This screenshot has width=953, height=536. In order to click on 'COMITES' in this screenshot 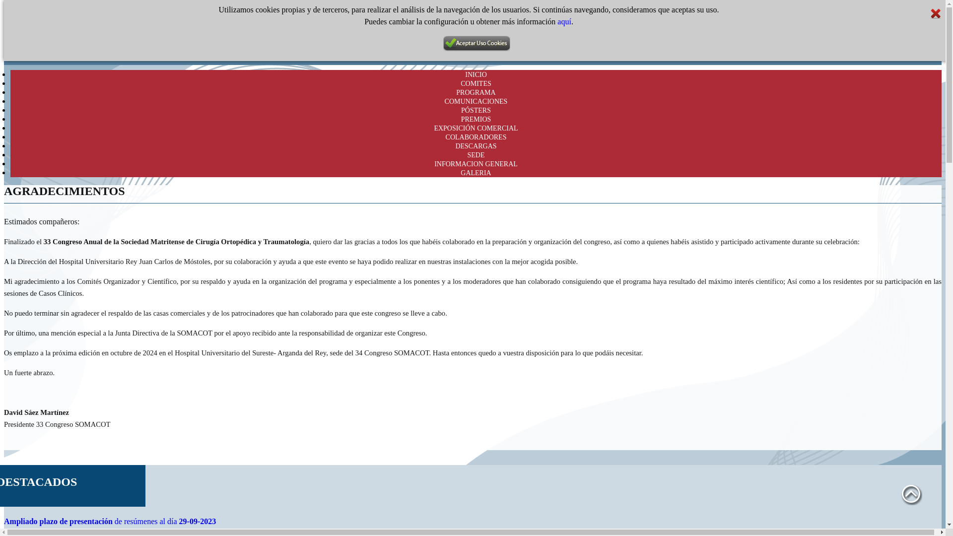, I will do `click(475, 83)`.